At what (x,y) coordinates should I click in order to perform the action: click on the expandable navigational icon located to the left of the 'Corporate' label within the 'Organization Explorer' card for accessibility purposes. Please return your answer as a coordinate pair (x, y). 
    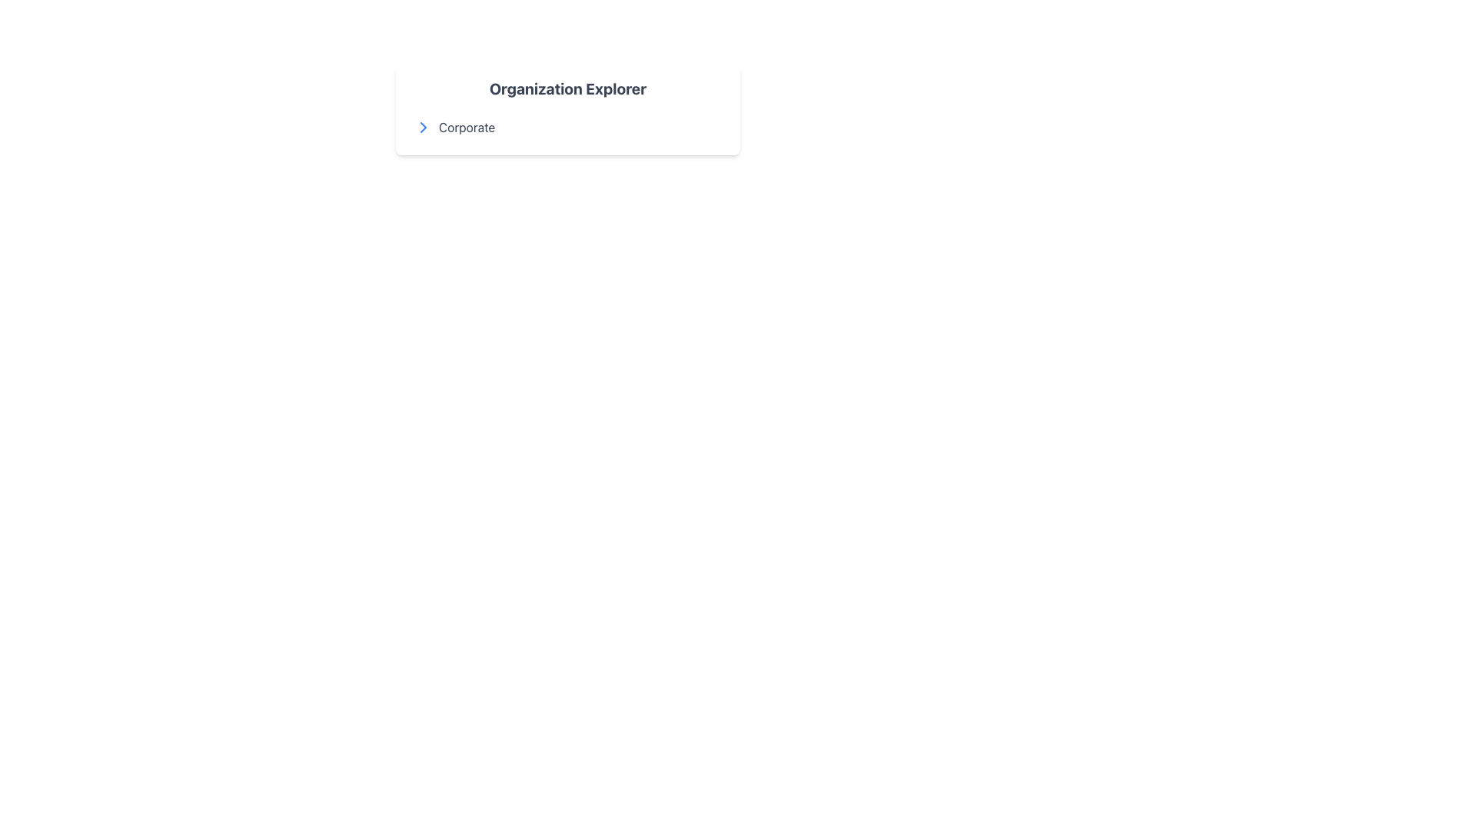
    Looking at the image, I should click on (424, 126).